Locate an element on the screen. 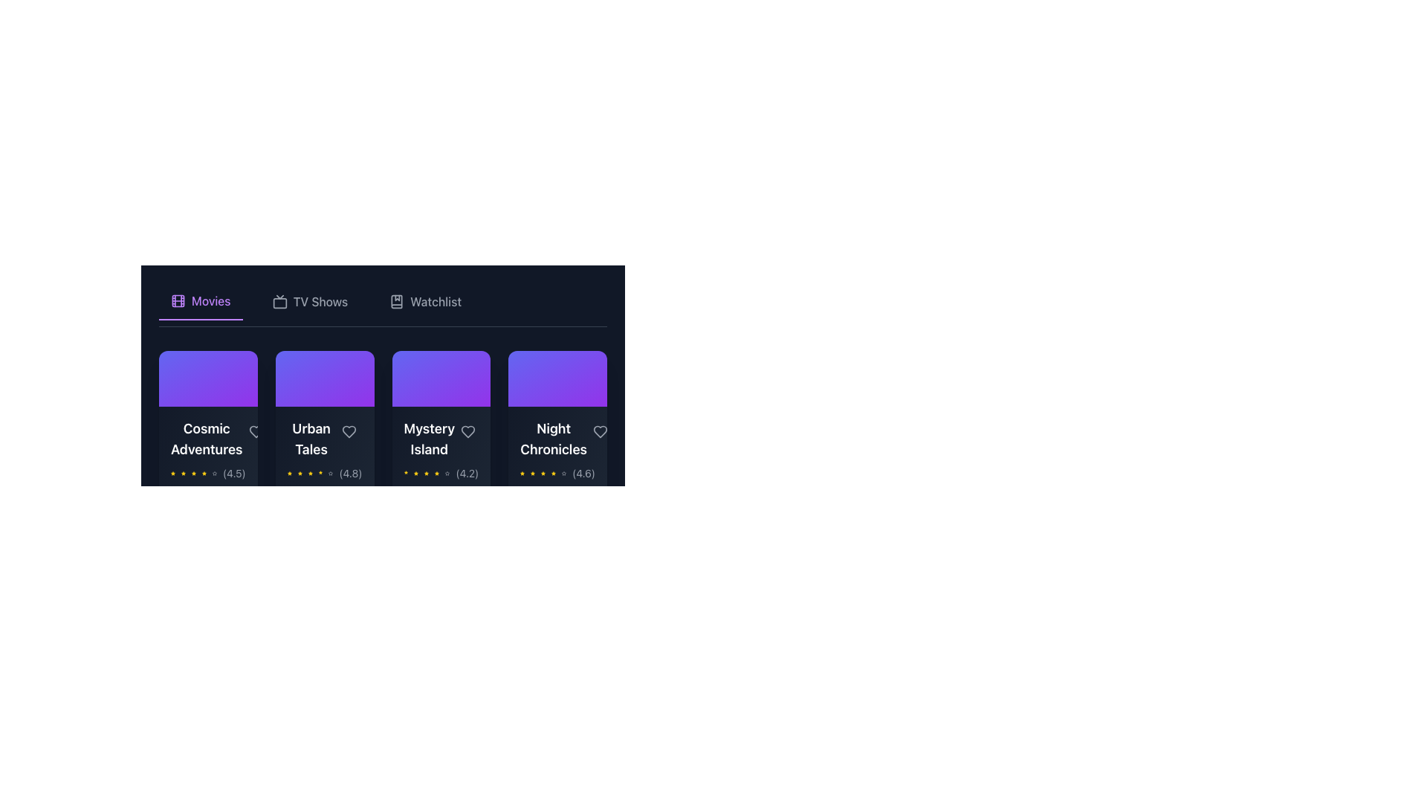  the favorite button located in the top-right corner of the 'Night Chronicles' card to mark it as a favorite is located at coordinates (600, 430).